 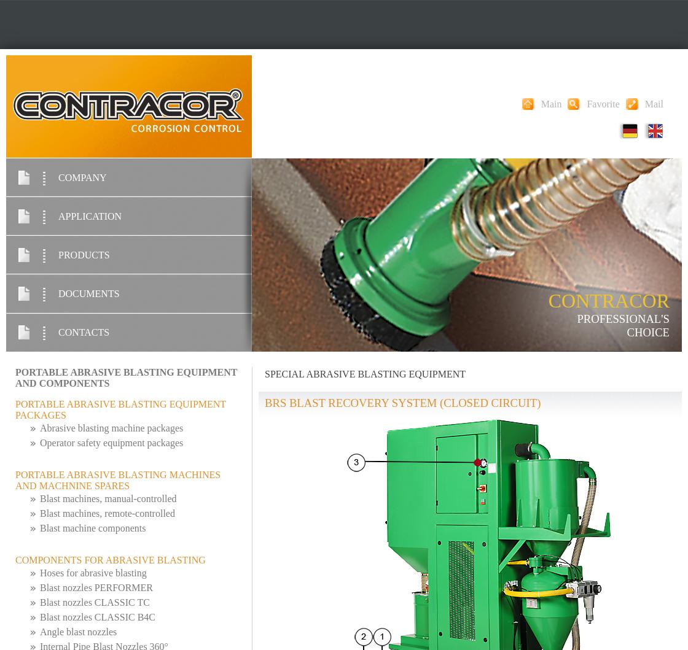 I want to click on 'APPLICATION', so click(x=90, y=215).